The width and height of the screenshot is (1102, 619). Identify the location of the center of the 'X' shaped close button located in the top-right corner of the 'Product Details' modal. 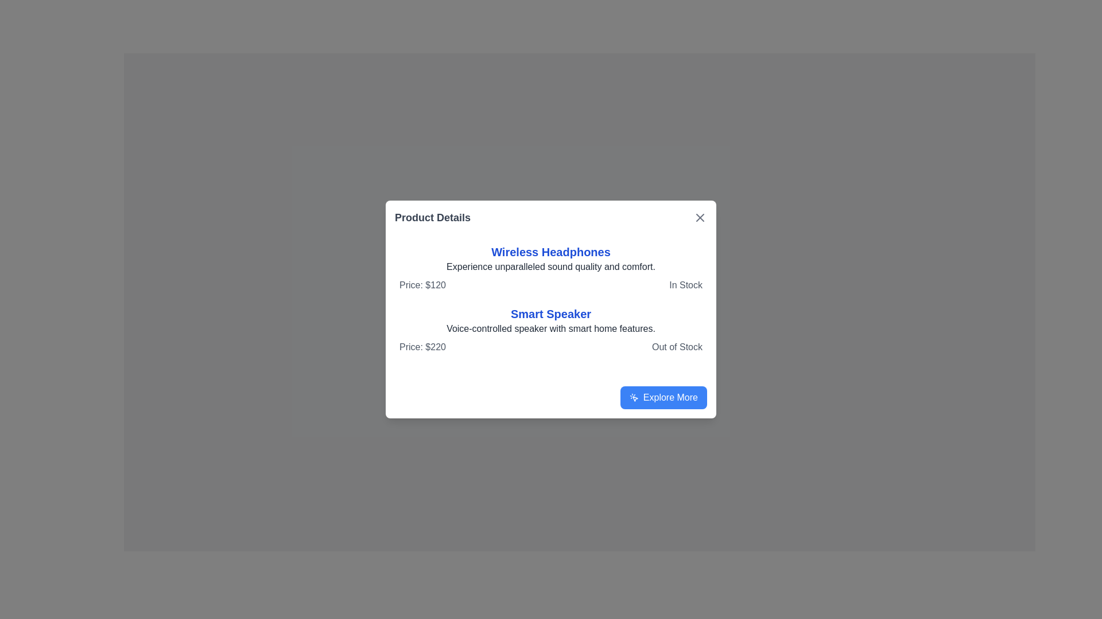
(699, 218).